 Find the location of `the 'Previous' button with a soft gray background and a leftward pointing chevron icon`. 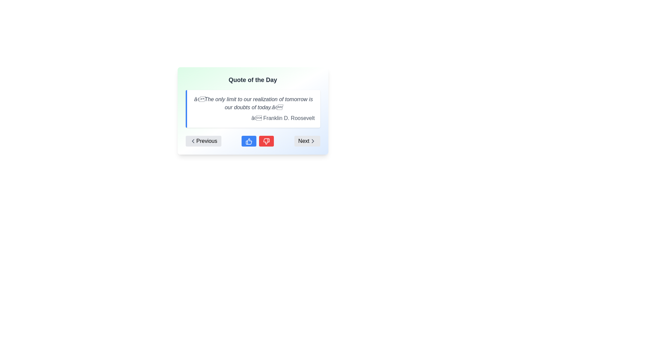

the 'Previous' button with a soft gray background and a leftward pointing chevron icon is located at coordinates (203, 141).